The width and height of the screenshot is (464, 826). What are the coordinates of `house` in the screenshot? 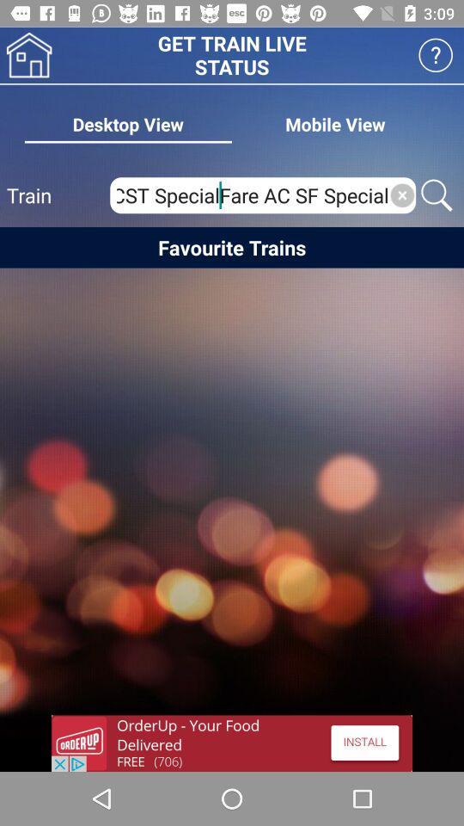 It's located at (28, 55).